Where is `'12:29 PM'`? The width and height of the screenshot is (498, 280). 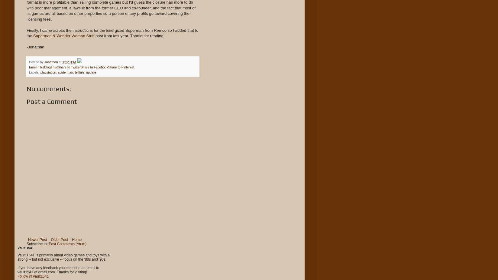 '12:29 PM' is located at coordinates (69, 61).